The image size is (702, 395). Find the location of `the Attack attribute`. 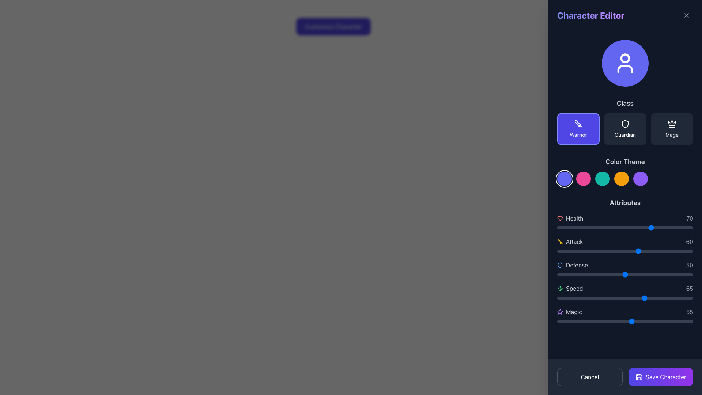

the Attack attribute is located at coordinates (613, 251).